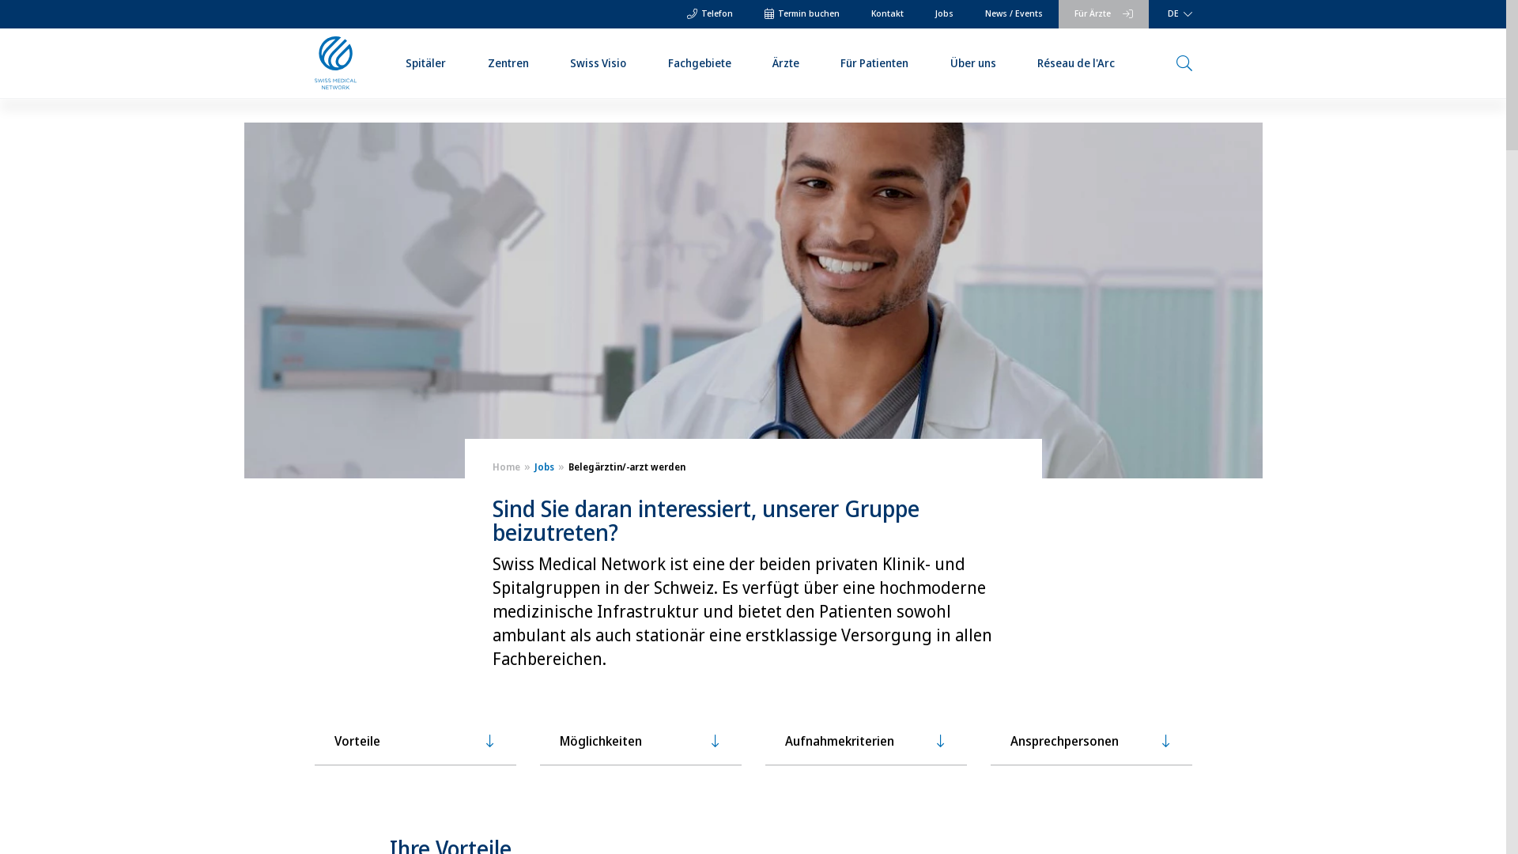 This screenshot has width=1518, height=854. I want to click on 'Aufnahmekriterien', so click(765, 741).